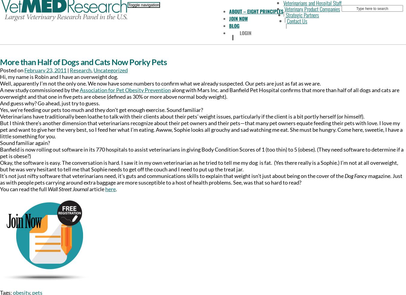 Image resolution: width=406 pixels, height=295 pixels. Describe the element at coordinates (116, 189) in the screenshot. I see `'.'` at that location.